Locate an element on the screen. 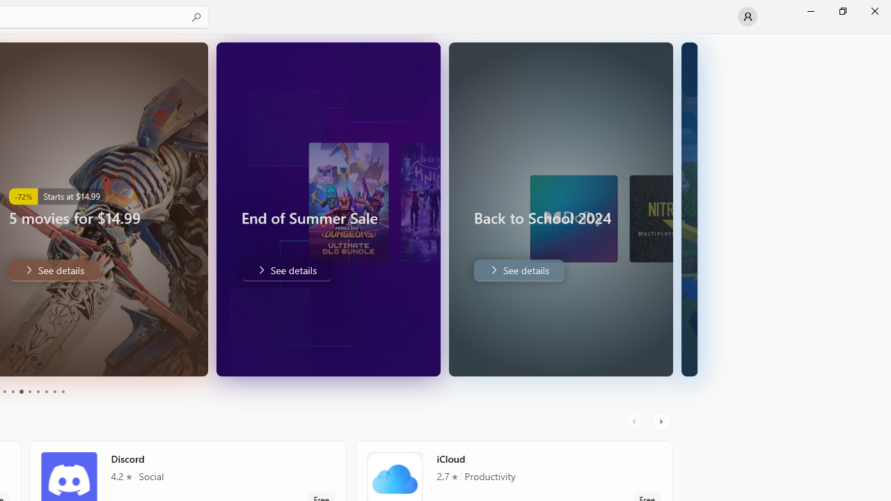 Image resolution: width=891 pixels, height=501 pixels. 'Page 7' is located at coordinates (38, 392).